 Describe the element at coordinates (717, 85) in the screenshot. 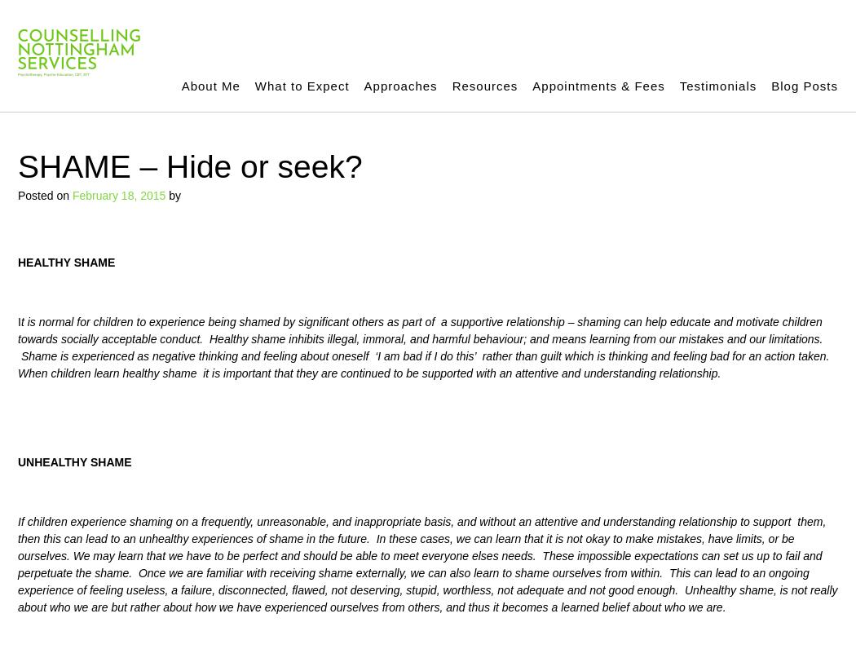

I see `'Testimonials'` at that location.